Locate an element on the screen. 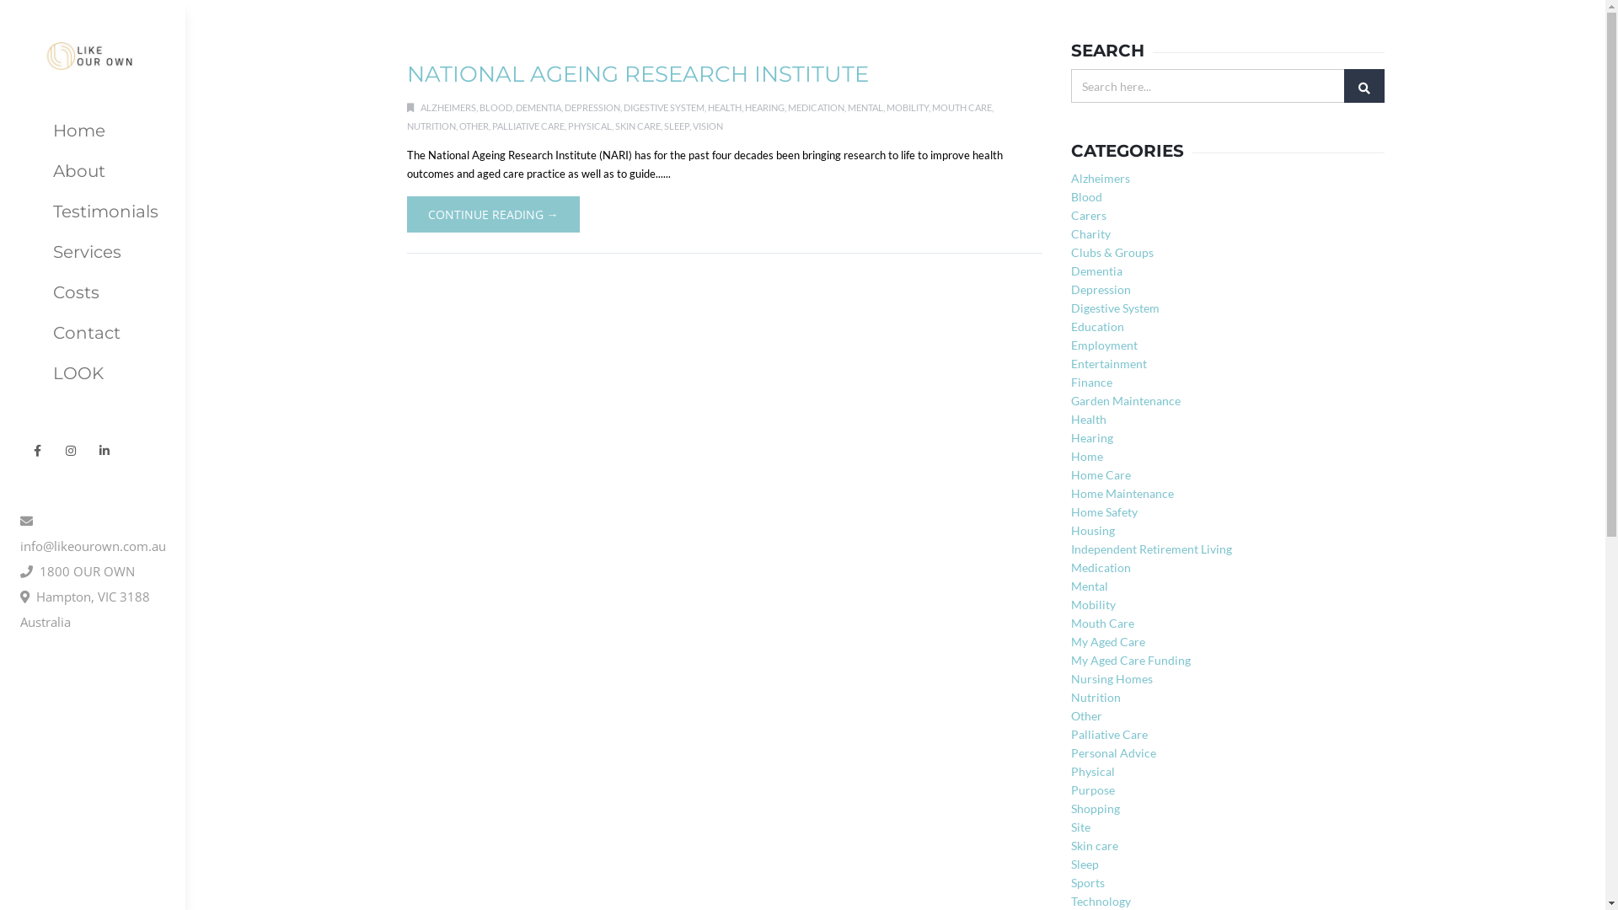 The width and height of the screenshot is (1618, 910). 'Home Safety' is located at coordinates (1104, 511).